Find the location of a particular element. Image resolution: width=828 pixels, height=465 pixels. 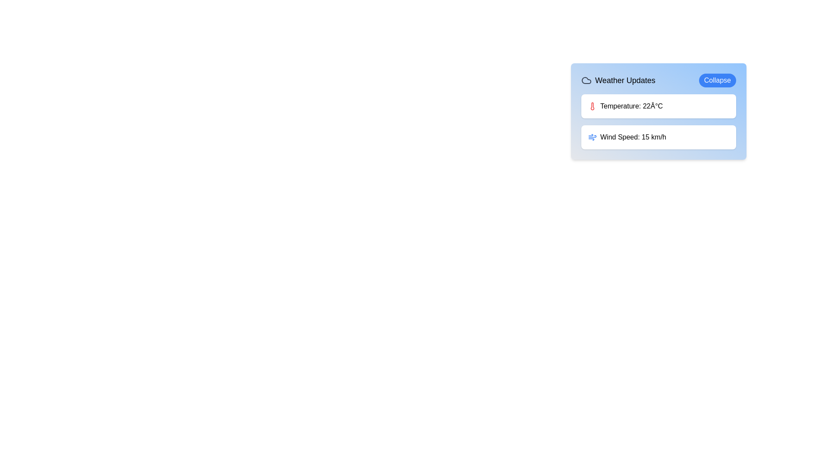

the thermometer icon which indicates temperature information, located adjacent to the label 'Temperature: 22°C' in the 'Weather Updates' section is located at coordinates (592, 105).